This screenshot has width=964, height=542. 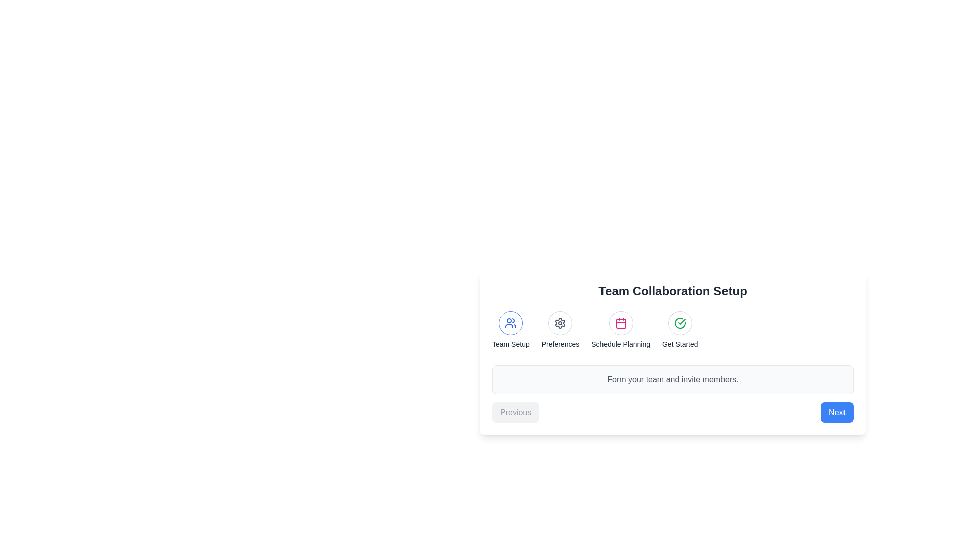 I want to click on the settings icon, which is a gear-shaped icon with a circular outline and gray color, located in the Preferences section of the Team Collaboration Setup interface, so click(x=560, y=323).